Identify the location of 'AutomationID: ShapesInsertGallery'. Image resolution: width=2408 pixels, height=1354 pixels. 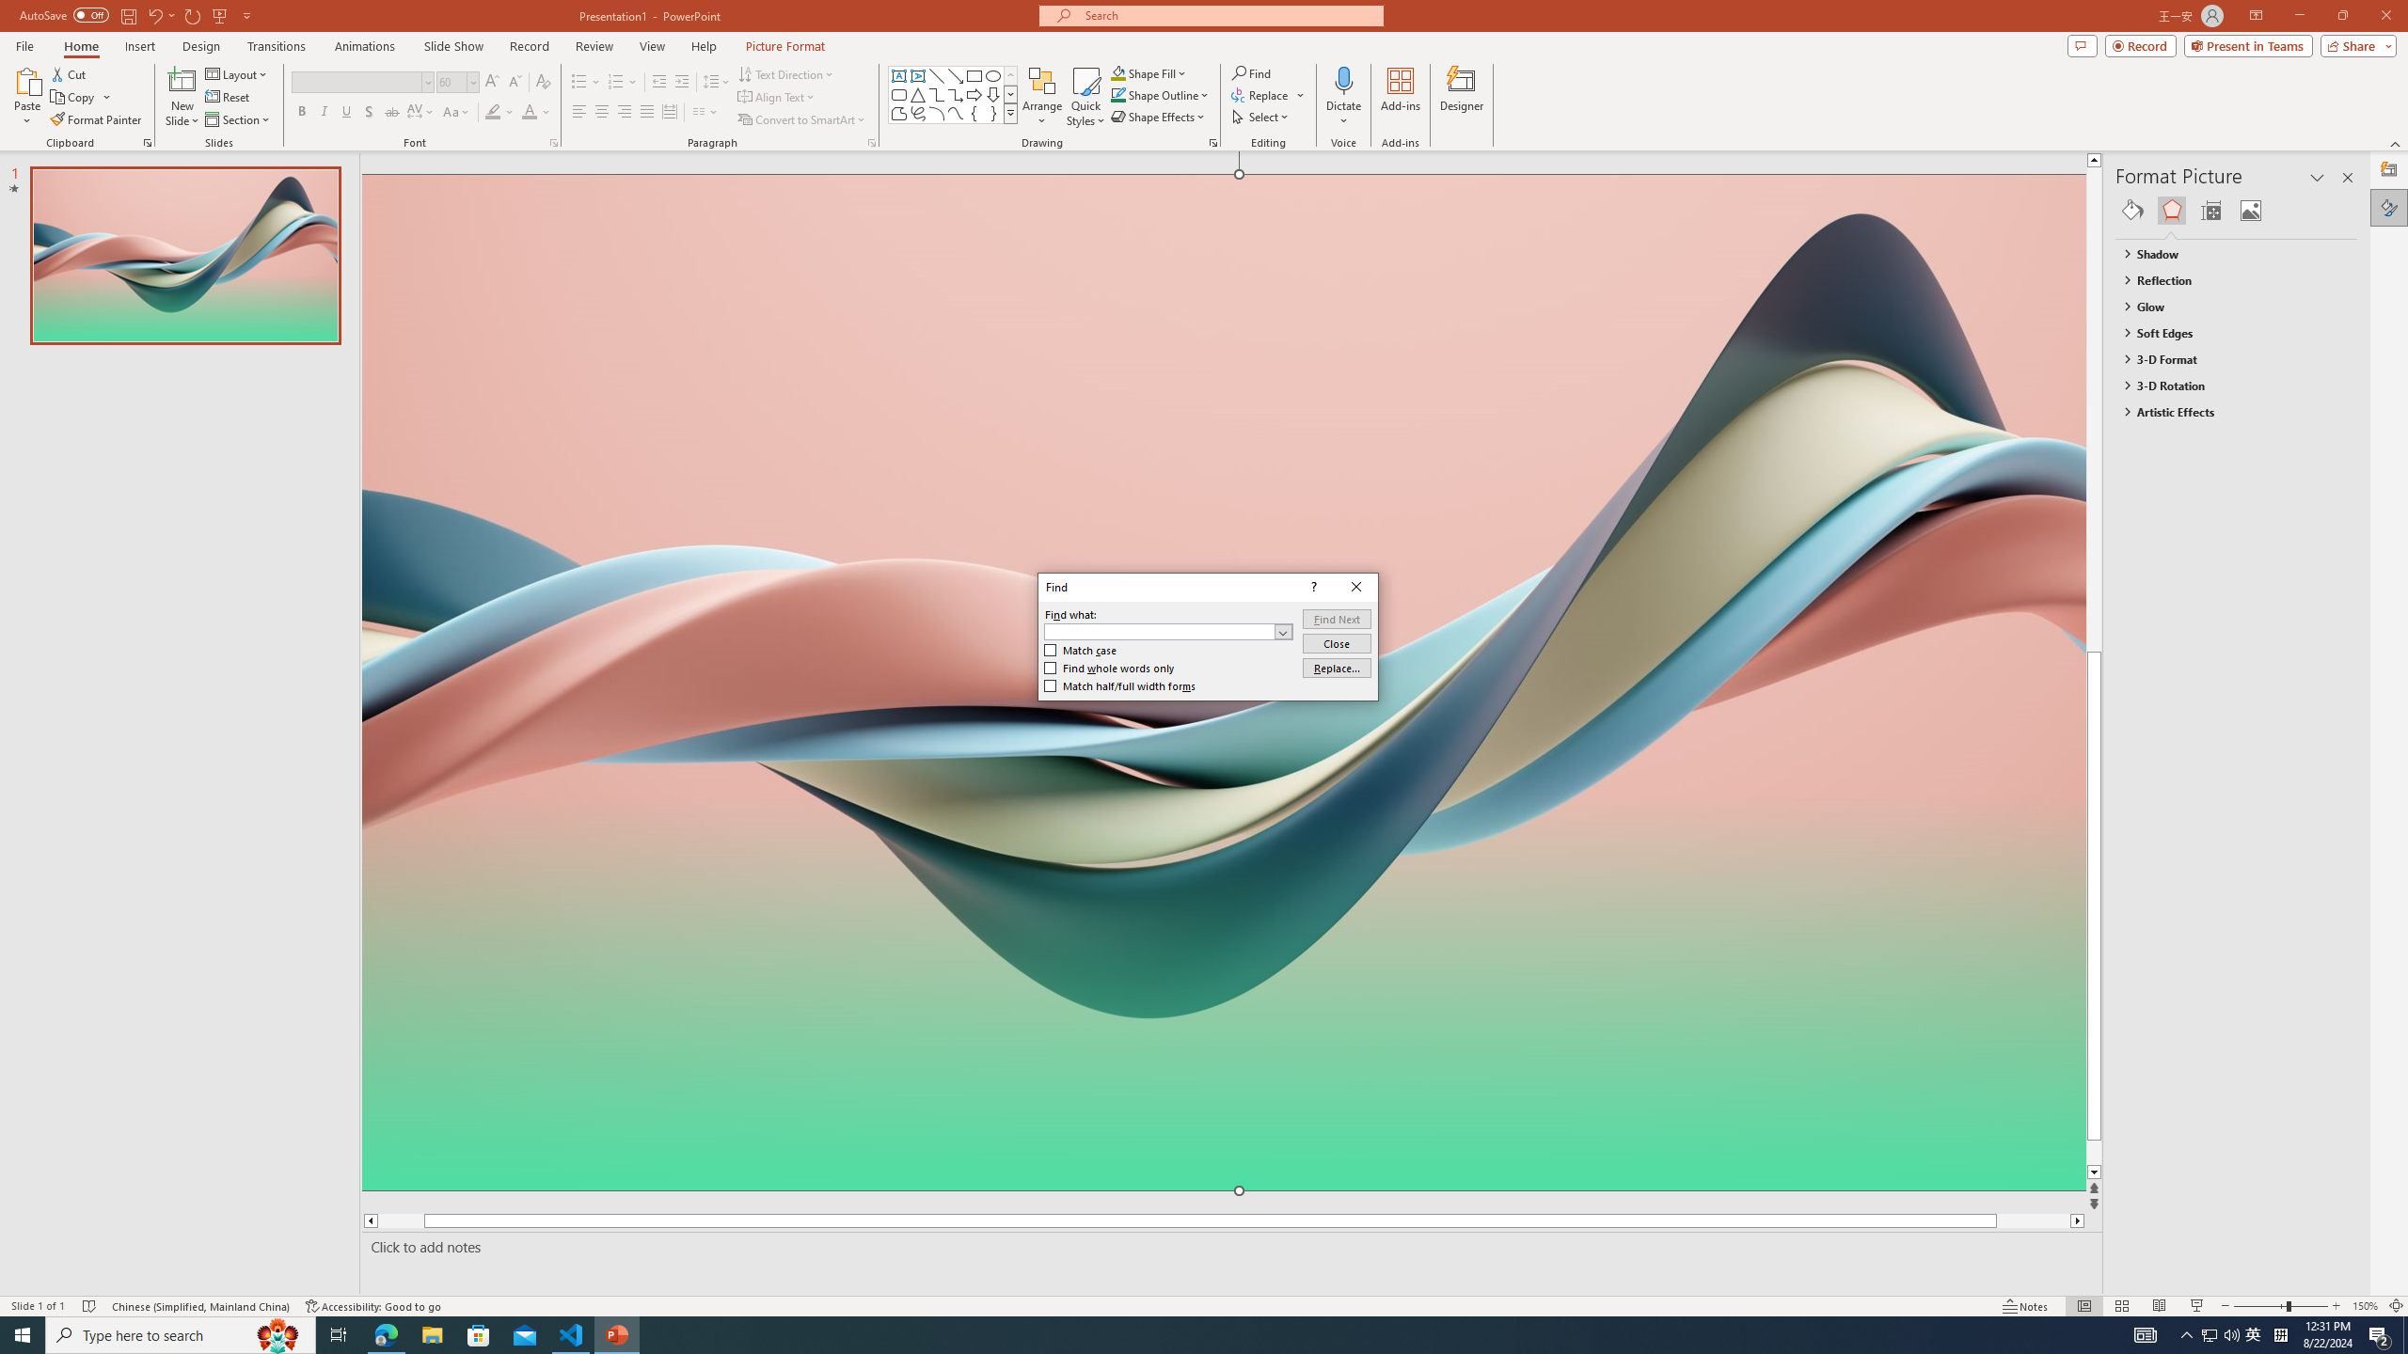
(952, 94).